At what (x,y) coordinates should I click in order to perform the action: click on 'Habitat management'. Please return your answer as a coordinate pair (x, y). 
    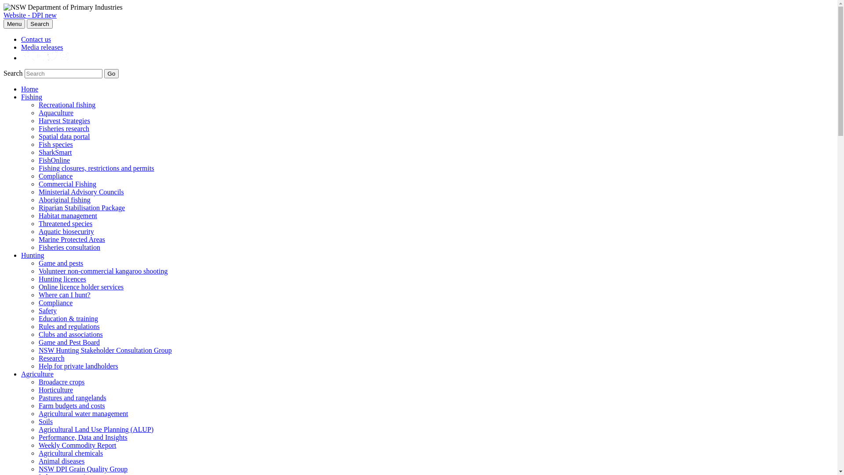
    Looking at the image, I should click on (67, 216).